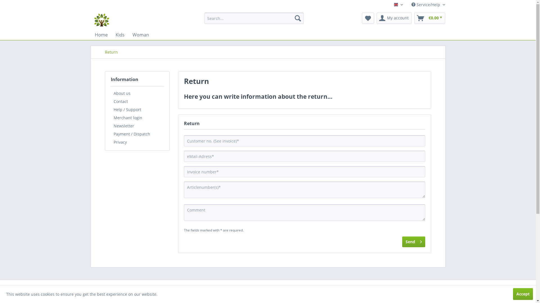 The width and height of the screenshot is (540, 303). Describe the element at coordinates (101, 35) in the screenshot. I see `'Home'` at that location.